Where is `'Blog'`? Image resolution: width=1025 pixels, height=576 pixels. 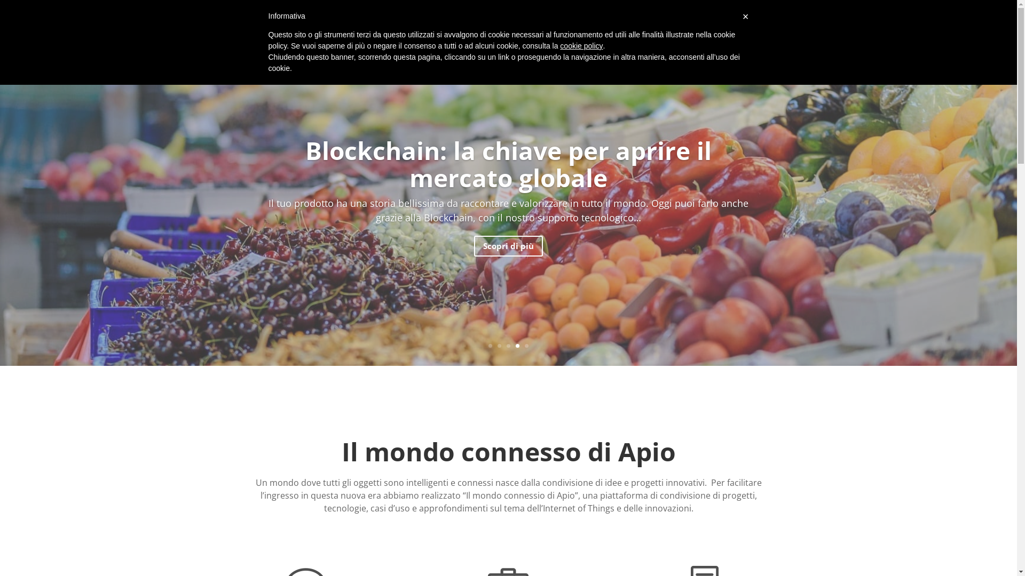
'Blog' is located at coordinates (766, 22).